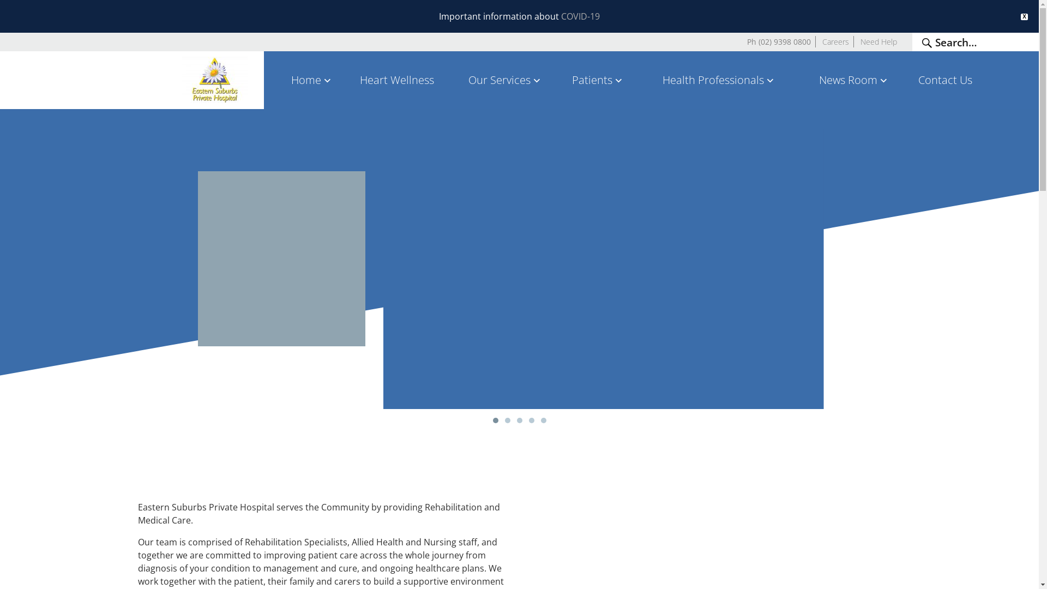 The image size is (1047, 589). What do you see at coordinates (580, 16) in the screenshot?
I see `'COVID-19'` at bounding box center [580, 16].